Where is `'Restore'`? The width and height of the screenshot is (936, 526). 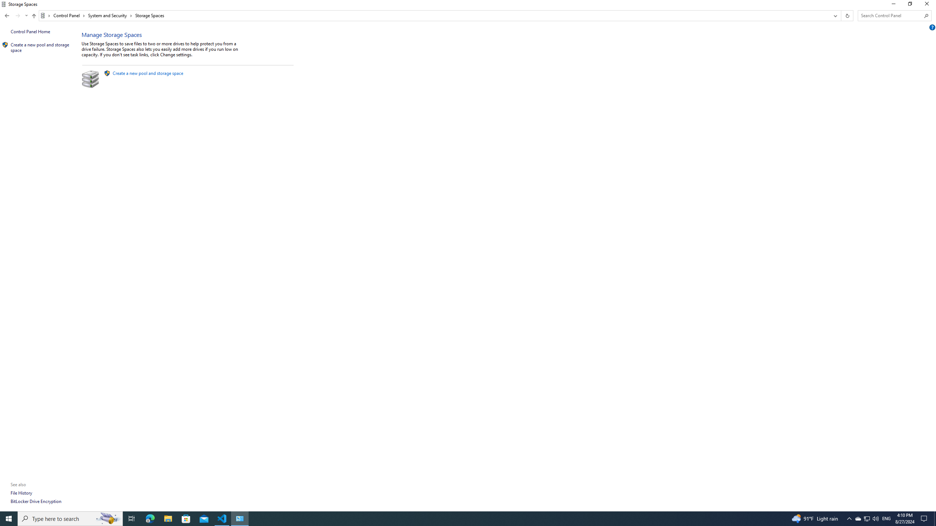 'Restore' is located at coordinates (909, 5).